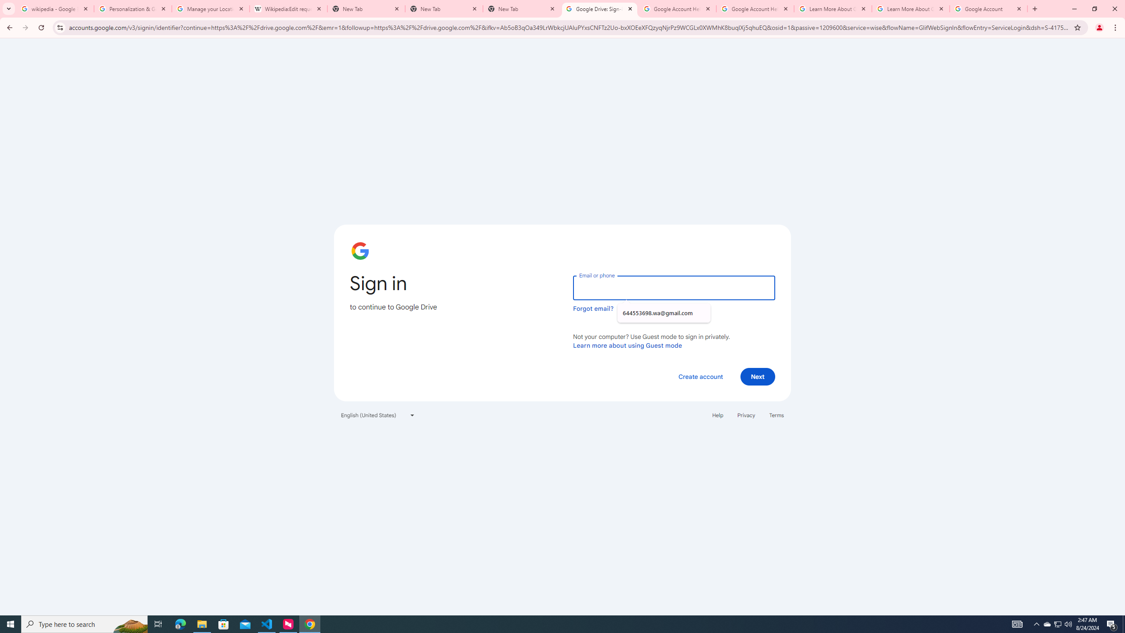 This screenshot has width=1125, height=633. I want to click on 'Privacy', so click(745, 414).